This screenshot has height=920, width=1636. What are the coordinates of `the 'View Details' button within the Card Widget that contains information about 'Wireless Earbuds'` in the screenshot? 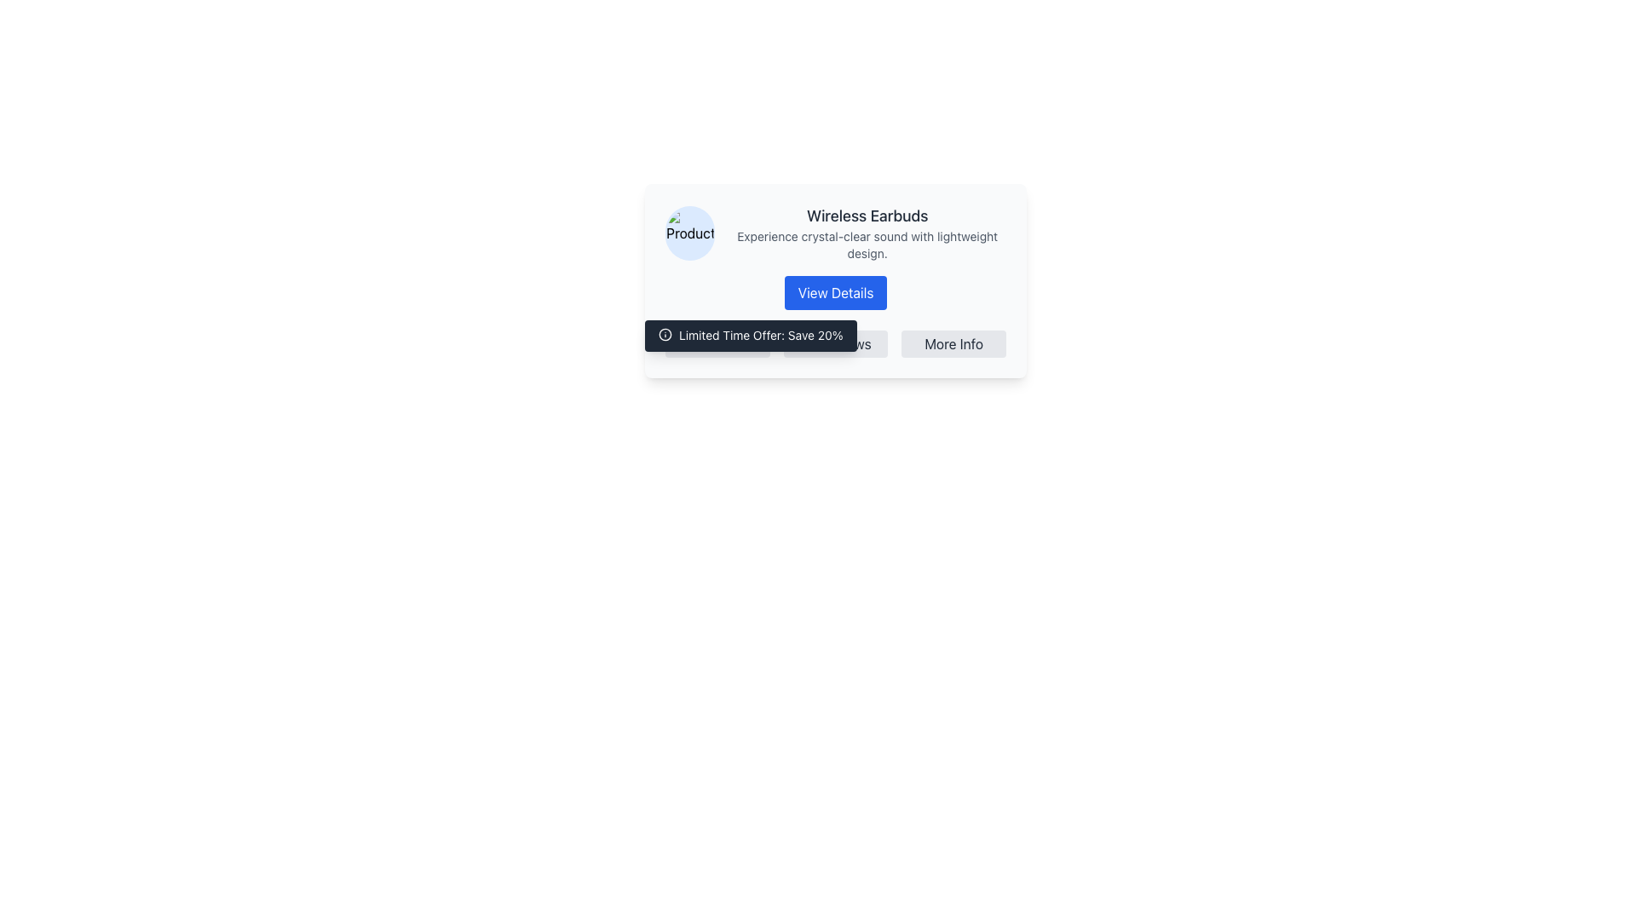 It's located at (835, 280).